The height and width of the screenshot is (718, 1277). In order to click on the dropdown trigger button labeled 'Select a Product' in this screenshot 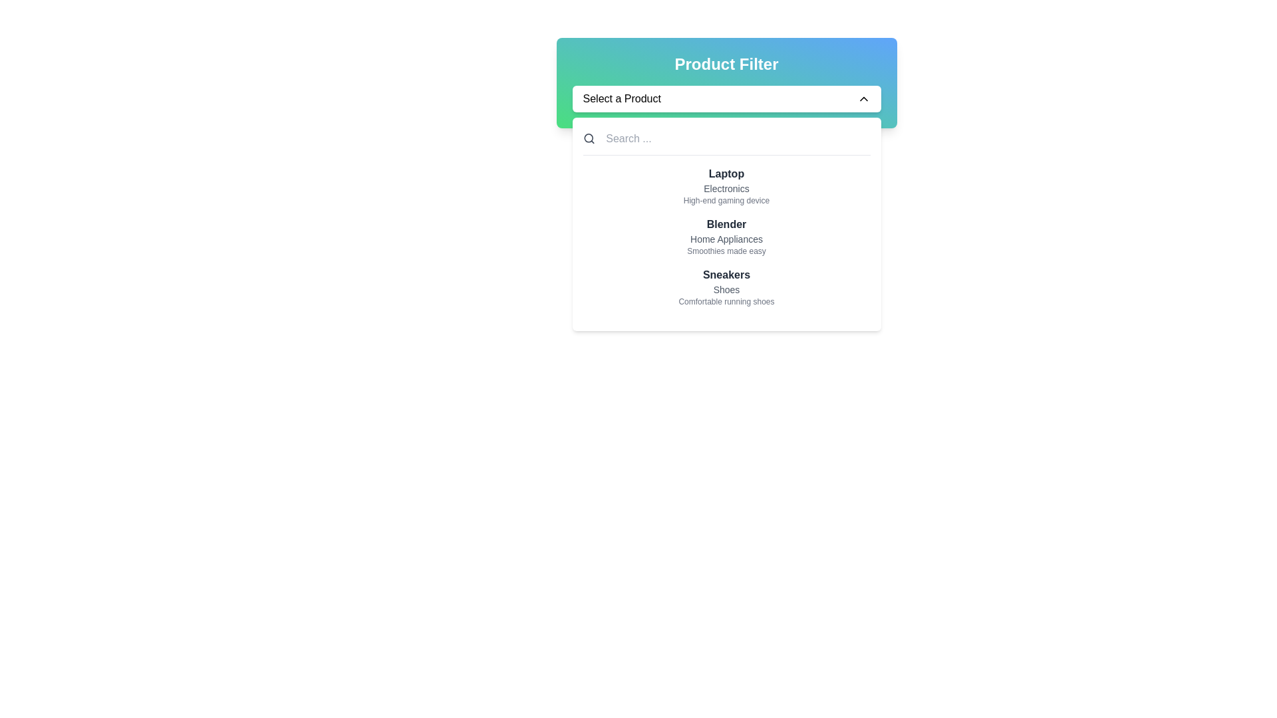, I will do `click(726, 98)`.